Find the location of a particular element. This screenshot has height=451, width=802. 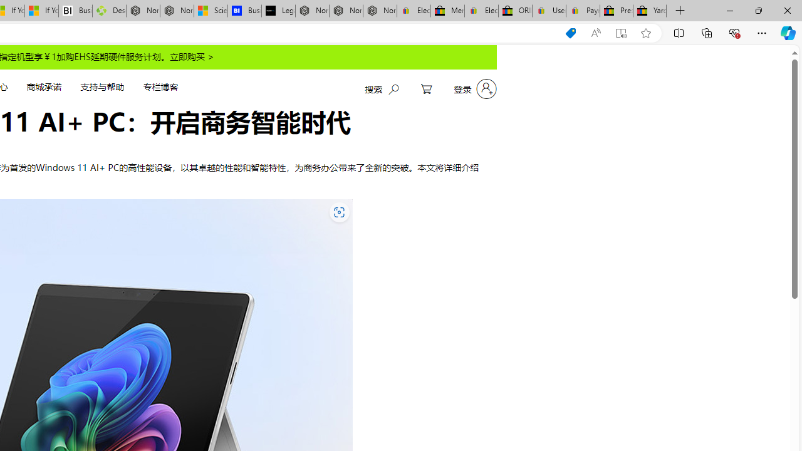

'My Cart' is located at coordinates (426, 88).